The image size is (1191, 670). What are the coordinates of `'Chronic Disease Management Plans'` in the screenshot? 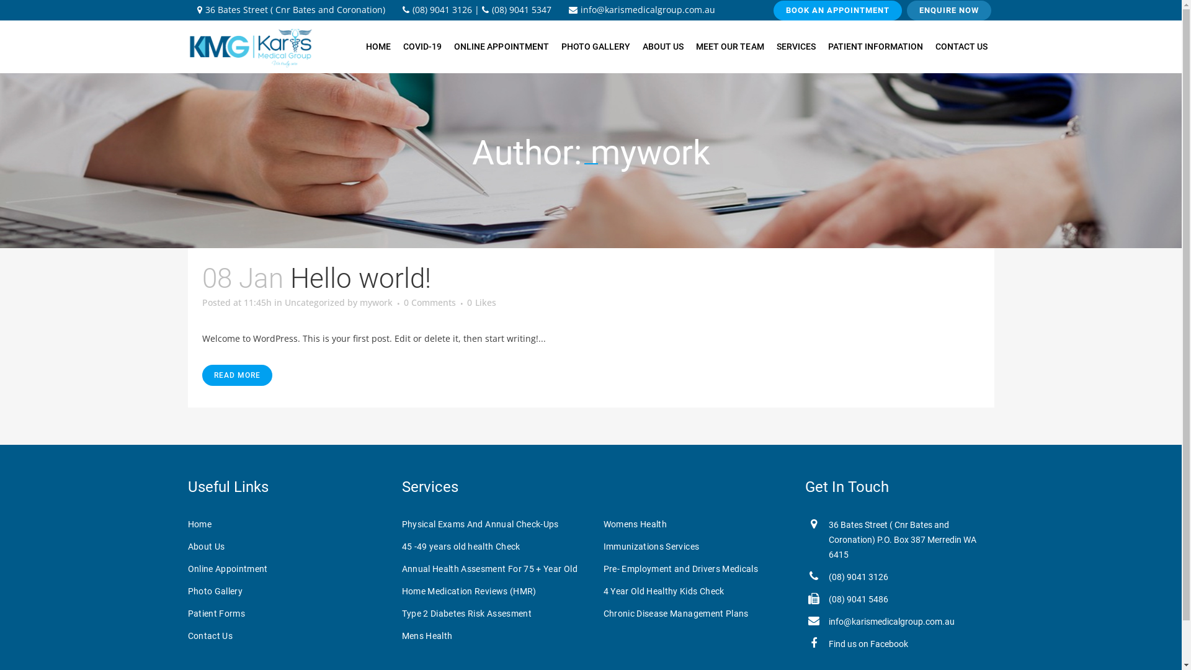 It's located at (696, 612).